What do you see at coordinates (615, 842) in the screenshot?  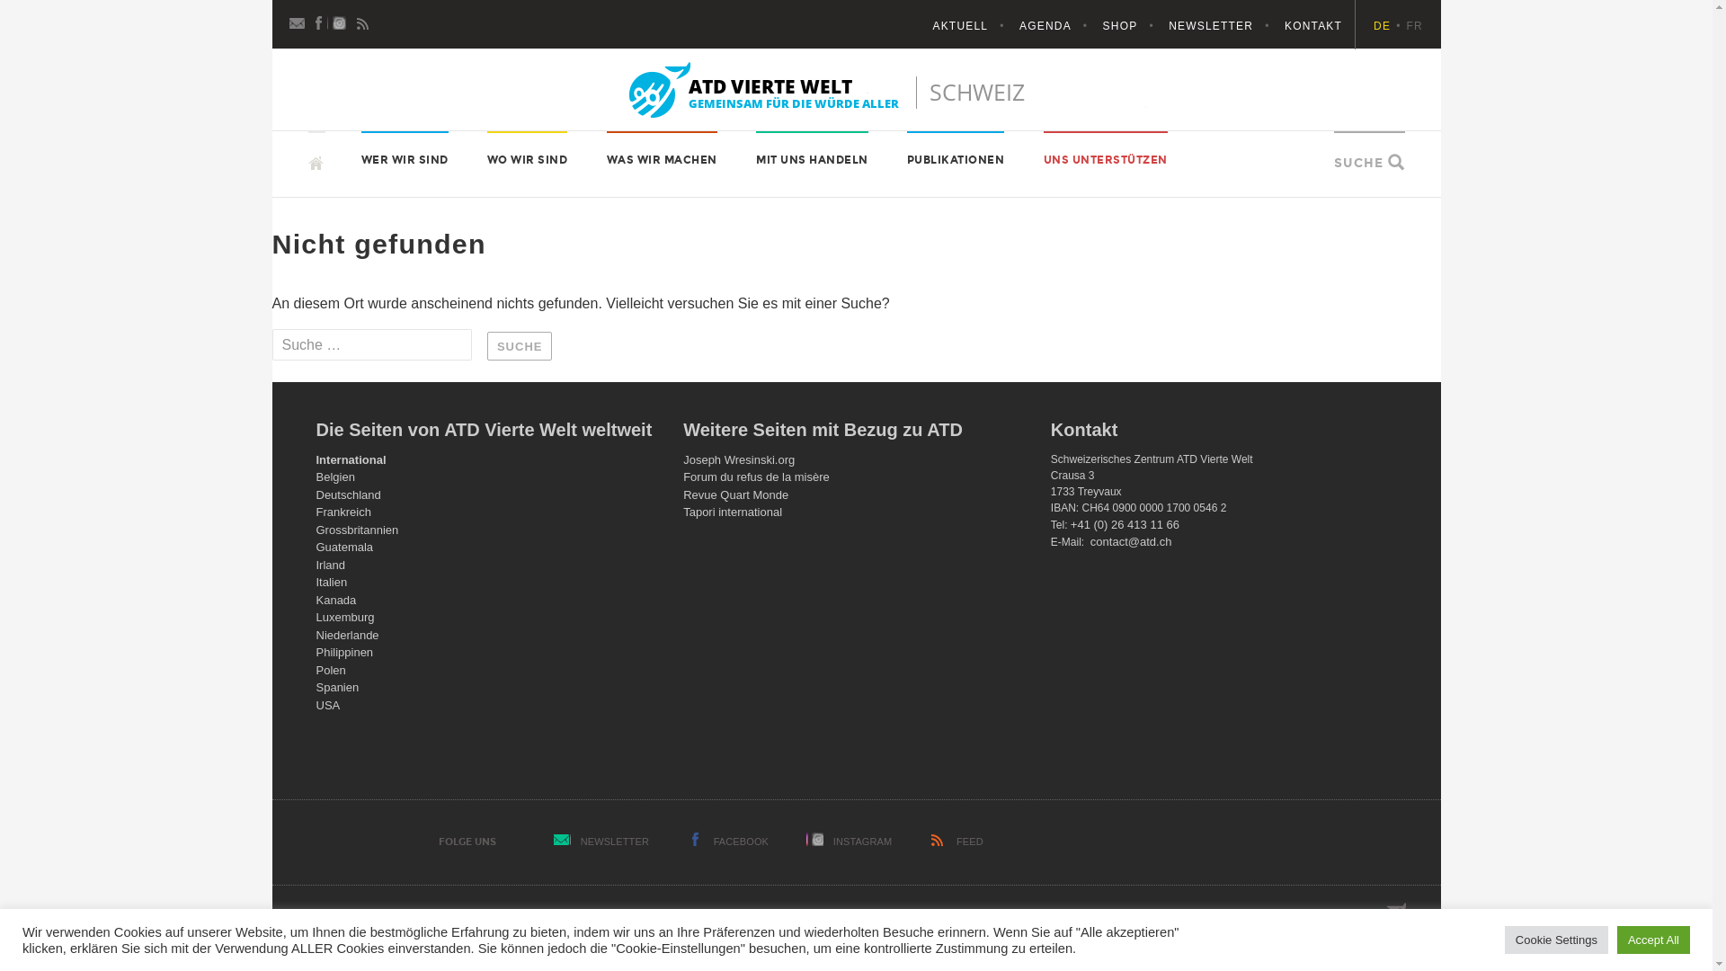 I see `'NEWSLETTER'` at bounding box center [615, 842].